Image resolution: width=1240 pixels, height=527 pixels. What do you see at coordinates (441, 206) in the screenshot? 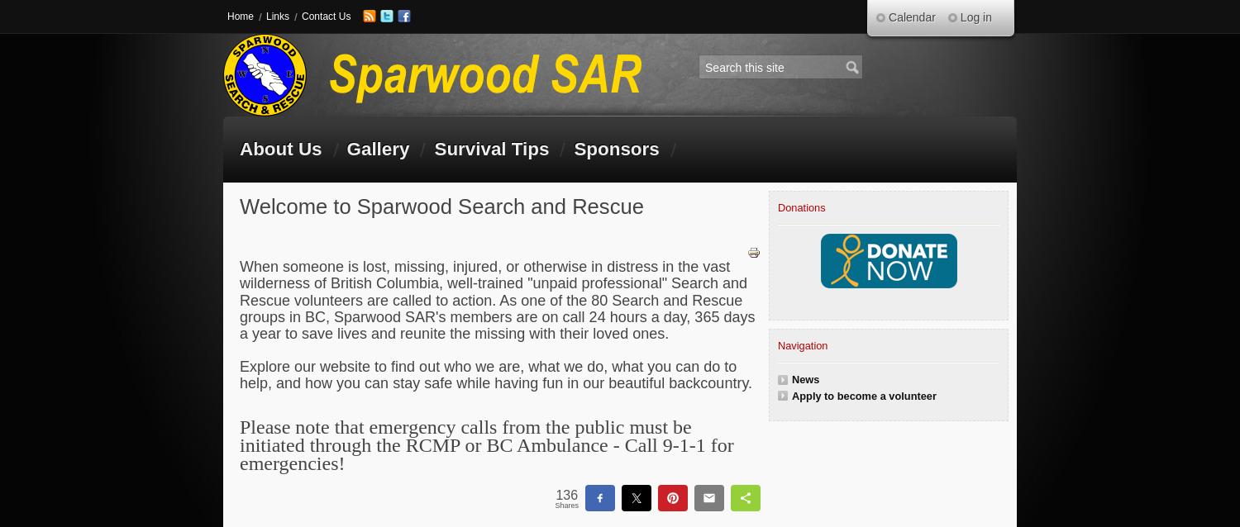
I see `'Welcome to Sparwood Search and Rescue'` at bounding box center [441, 206].